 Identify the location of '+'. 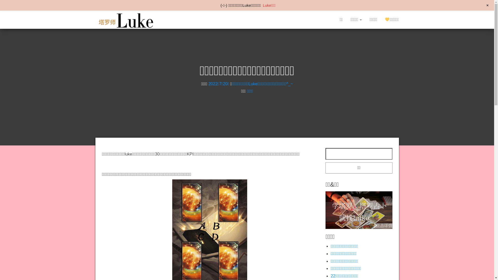
(487, 5).